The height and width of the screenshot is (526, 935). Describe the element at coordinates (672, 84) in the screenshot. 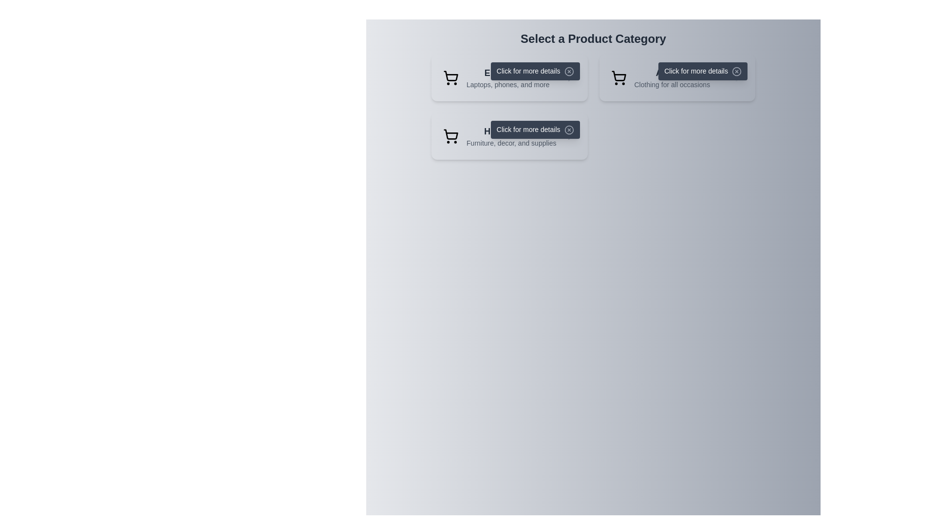

I see `the Text Label displaying 'Clothing for all occasions', which is styled in light gray and located below the bold title 'Apparel'` at that location.